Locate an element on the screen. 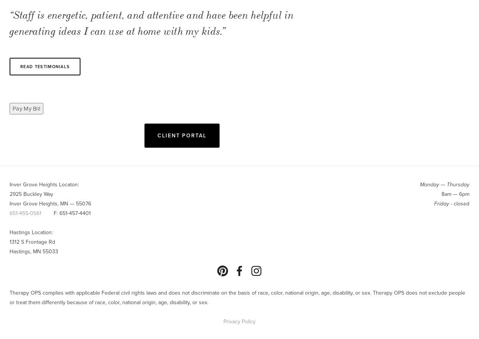 This screenshot has width=479, height=339. 'Hastings Location:' is located at coordinates (10, 231).